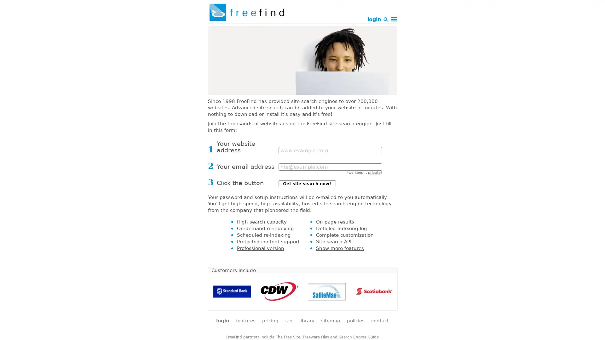 Image resolution: width=605 pixels, height=340 pixels. Describe the element at coordinates (307, 183) in the screenshot. I see `Get site search now!` at that location.